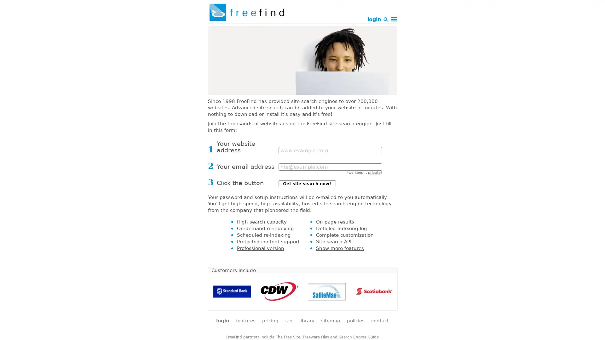 Image resolution: width=605 pixels, height=340 pixels. Describe the element at coordinates (307, 183) in the screenshot. I see `Get site search now!` at that location.